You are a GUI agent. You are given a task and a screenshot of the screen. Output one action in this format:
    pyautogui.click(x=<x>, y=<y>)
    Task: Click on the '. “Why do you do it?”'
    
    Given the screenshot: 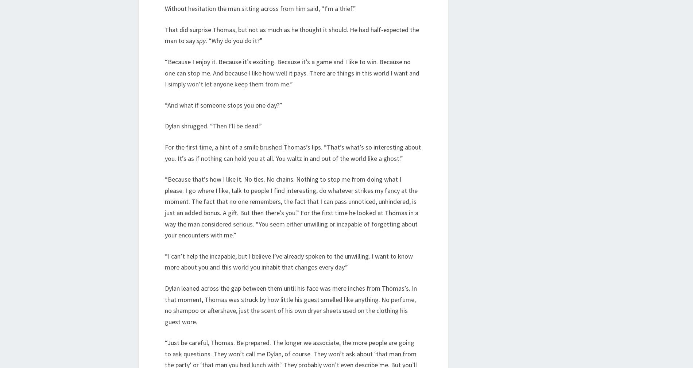 What is the action you would take?
    pyautogui.click(x=205, y=40)
    